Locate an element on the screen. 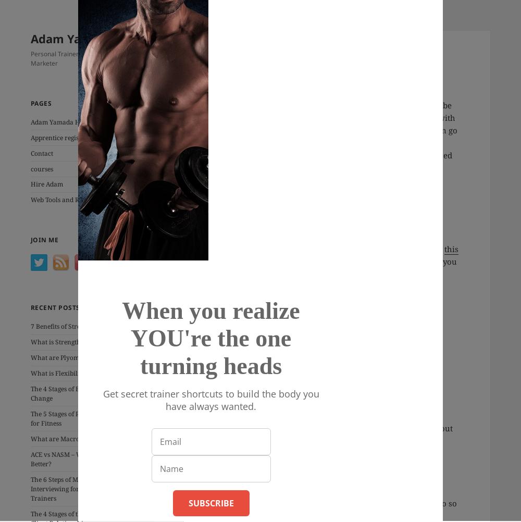 The width and height of the screenshot is (521, 522). 'A domain name acts as your “frontdoor” to the internet.  You won't be able to setup a website without a domain name, like' is located at coordinates (329, 242).